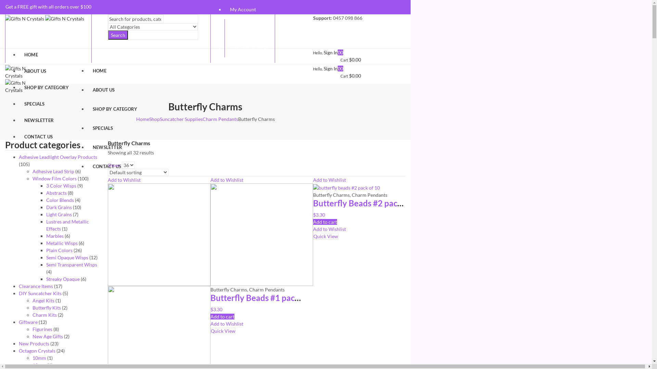 The width and height of the screenshot is (657, 369). What do you see at coordinates (210, 316) in the screenshot?
I see `'Add to cart'` at bounding box center [210, 316].